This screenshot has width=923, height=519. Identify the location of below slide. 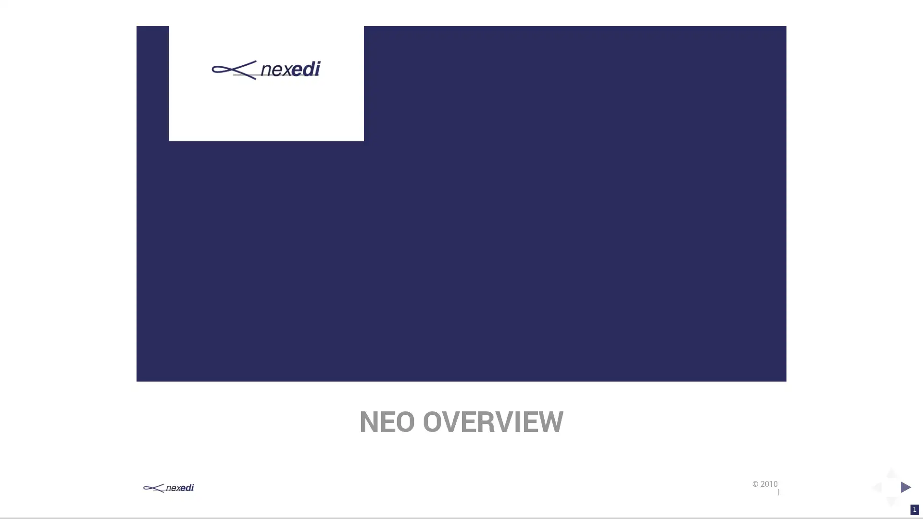
(890, 504).